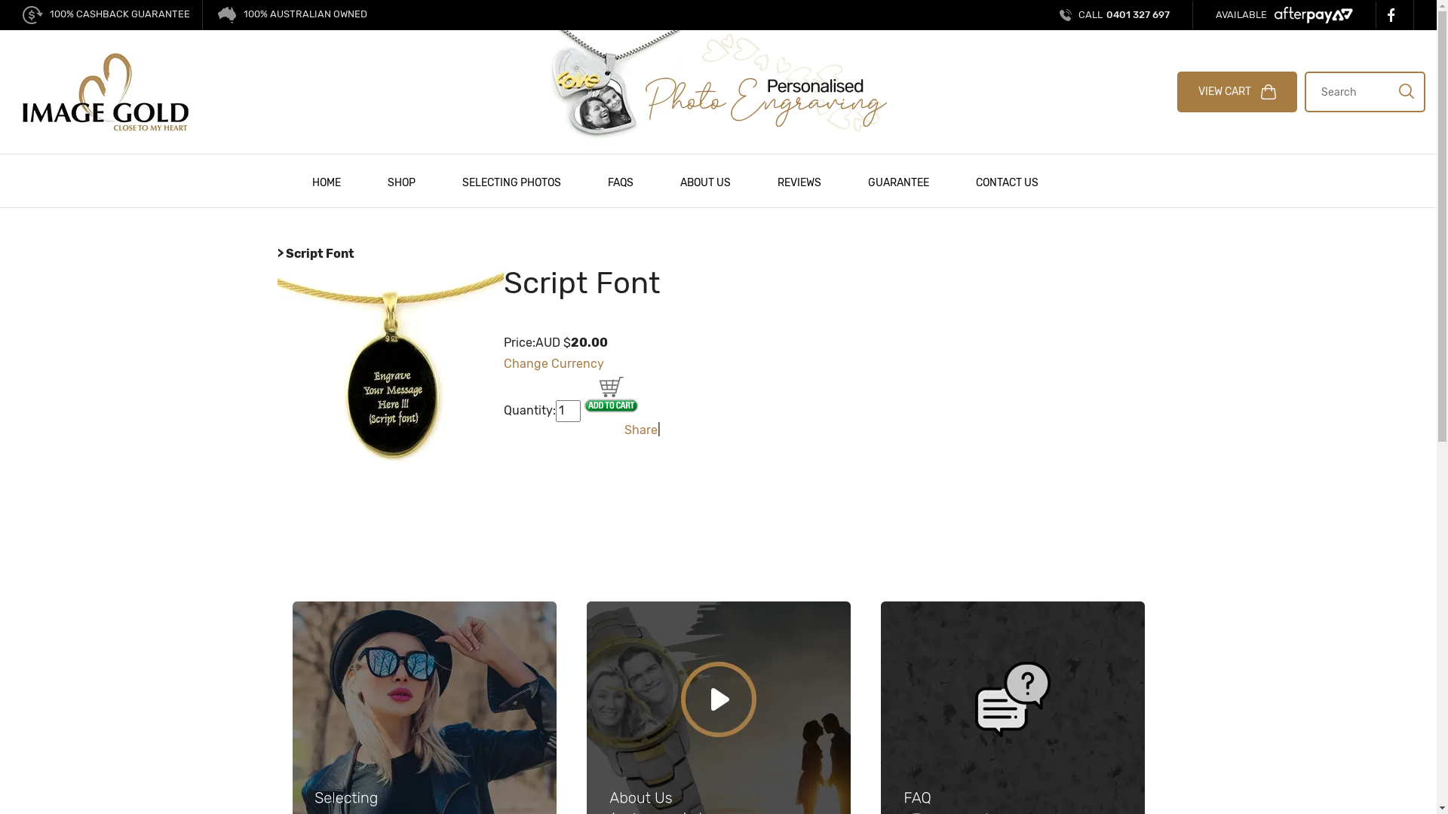 The height and width of the screenshot is (814, 1448). What do you see at coordinates (1013, 732) in the screenshot?
I see `'Read FAQ'` at bounding box center [1013, 732].